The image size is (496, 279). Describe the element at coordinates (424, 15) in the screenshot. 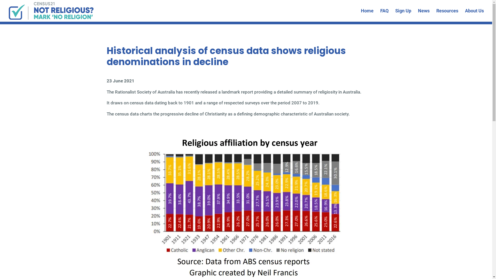

I see `'News'` at that location.